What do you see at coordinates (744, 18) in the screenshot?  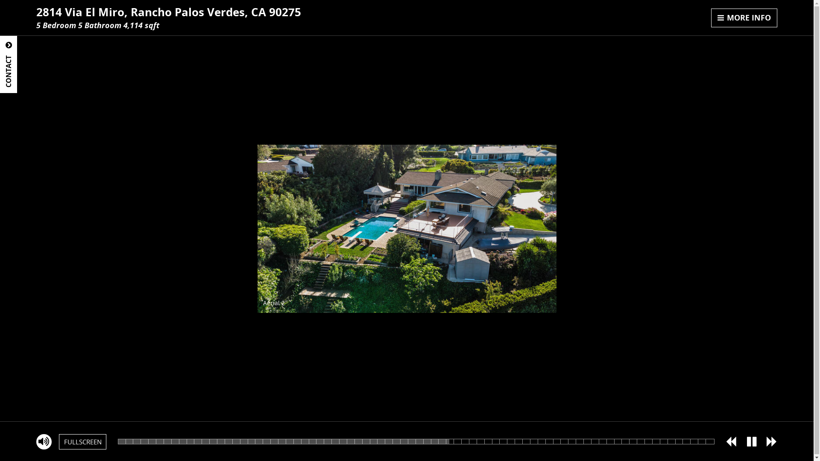 I see `'MORE INFO'` at bounding box center [744, 18].